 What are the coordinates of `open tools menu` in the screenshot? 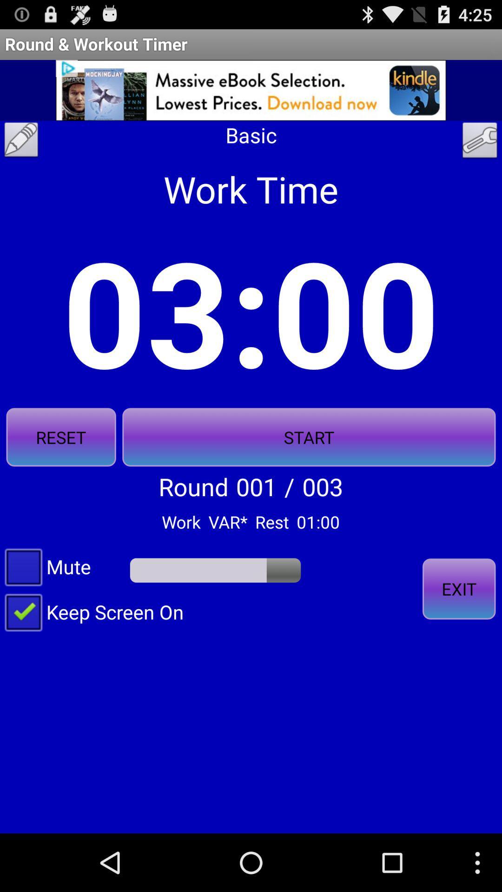 It's located at (480, 142).